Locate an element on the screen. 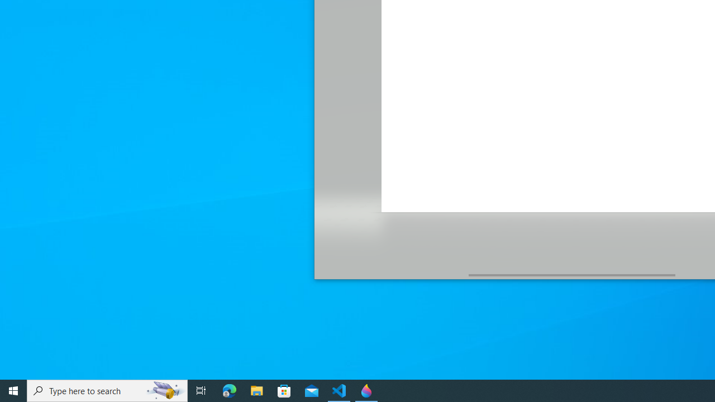 The width and height of the screenshot is (715, 402). 'Start' is located at coordinates (13, 390).